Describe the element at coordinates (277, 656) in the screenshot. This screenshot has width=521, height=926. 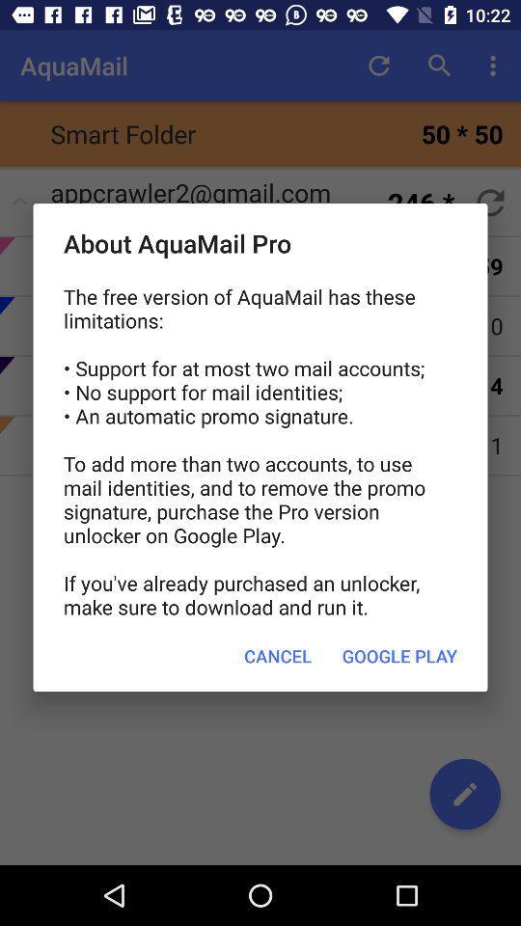
I see `icon below the the free version item` at that location.